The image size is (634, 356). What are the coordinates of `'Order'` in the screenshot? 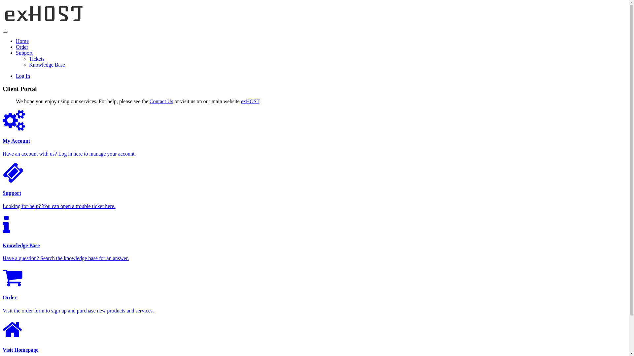 It's located at (22, 46).